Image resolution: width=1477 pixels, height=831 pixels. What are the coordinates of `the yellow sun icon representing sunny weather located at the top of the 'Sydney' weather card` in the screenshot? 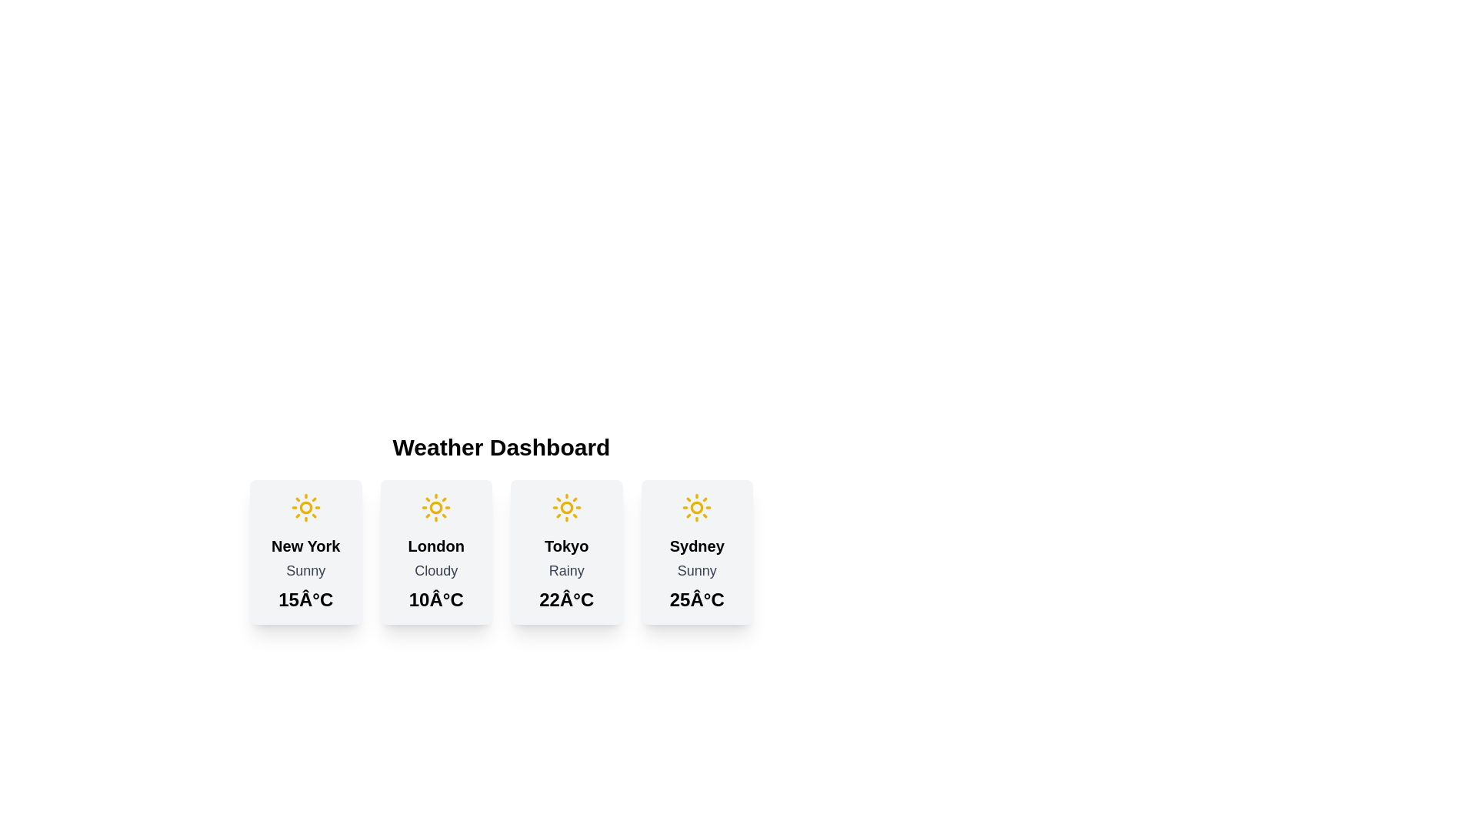 It's located at (696, 507).